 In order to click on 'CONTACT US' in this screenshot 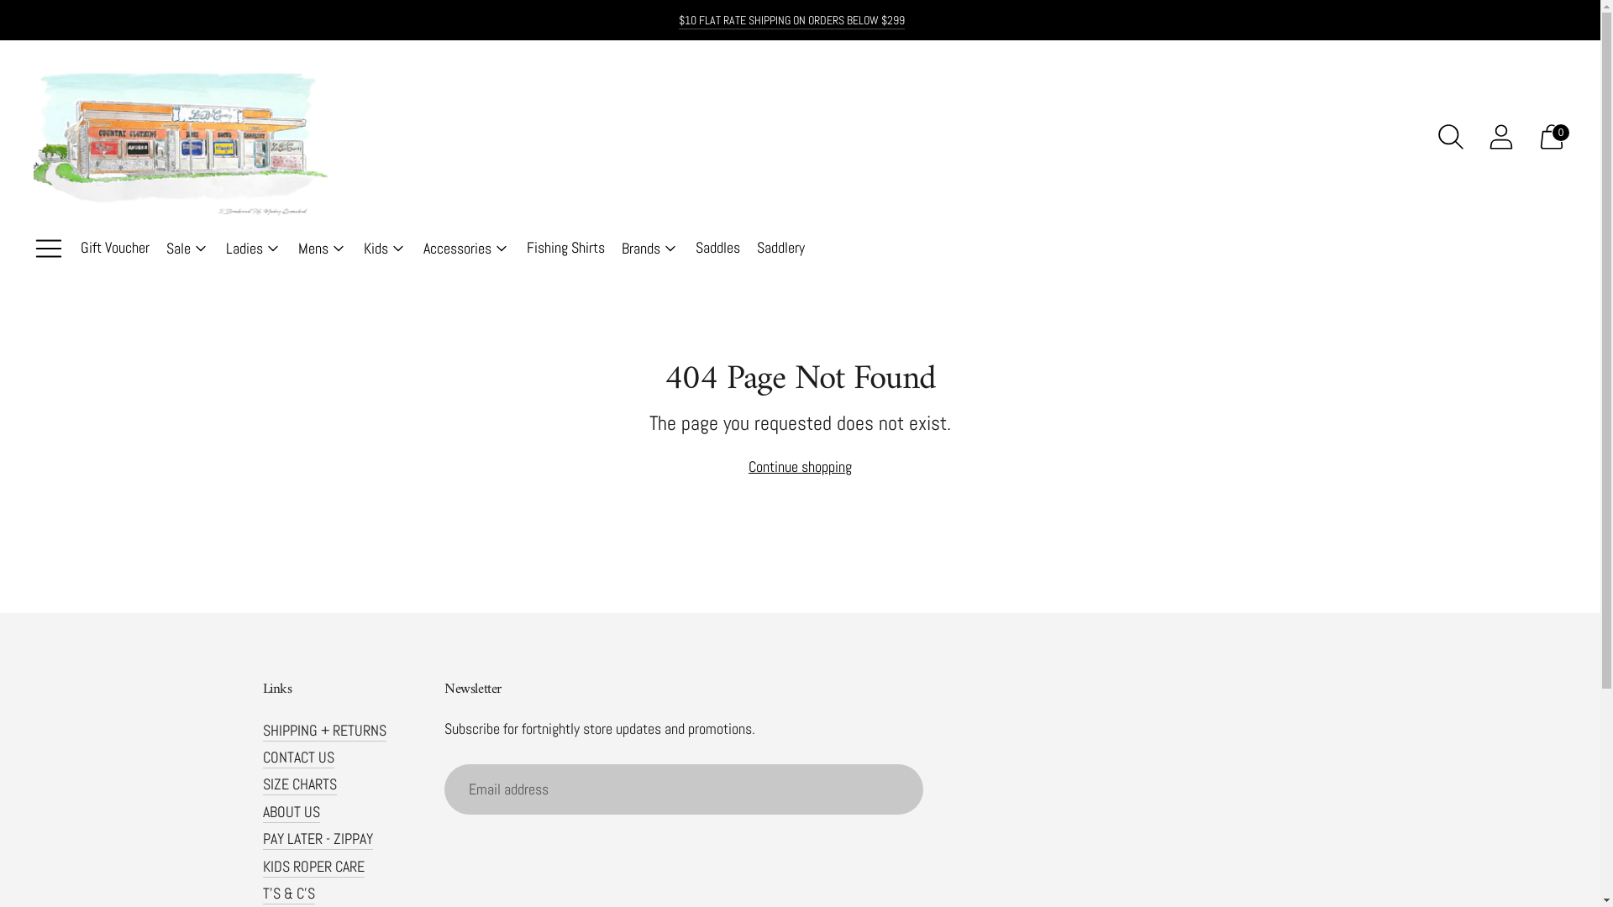, I will do `click(261, 757)`.